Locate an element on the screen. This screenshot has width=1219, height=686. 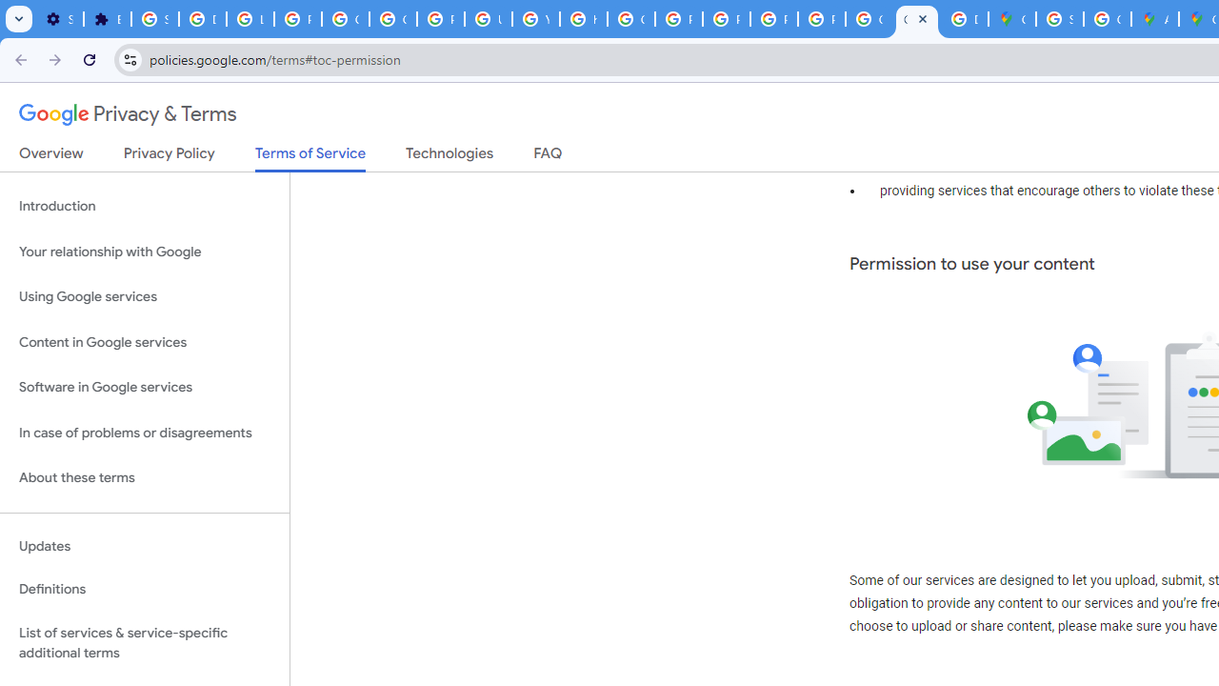
'Settings - On startup' is located at coordinates (59, 19).